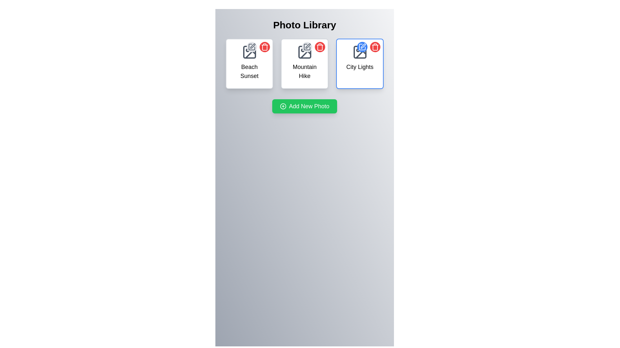 The height and width of the screenshot is (348, 620). Describe the element at coordinates (304, 72) in the screenshot. I see `the text label 'Mountain Hike' which is positioned within the second card from the left, aligned below an image icon and above functional buttons` at that location.